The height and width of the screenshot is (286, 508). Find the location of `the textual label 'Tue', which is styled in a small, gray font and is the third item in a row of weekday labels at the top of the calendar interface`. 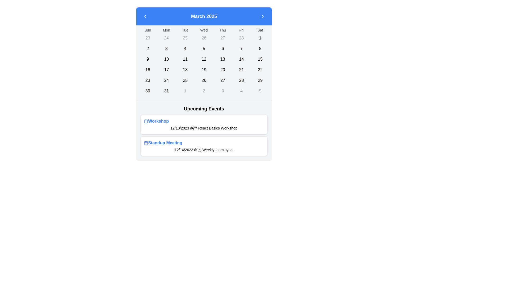

the textual label 'Tue', which is styled in a small, gray font and is the third item in a row of weekday labels at the top of the calendar interface is located at coordinates (185, 30).